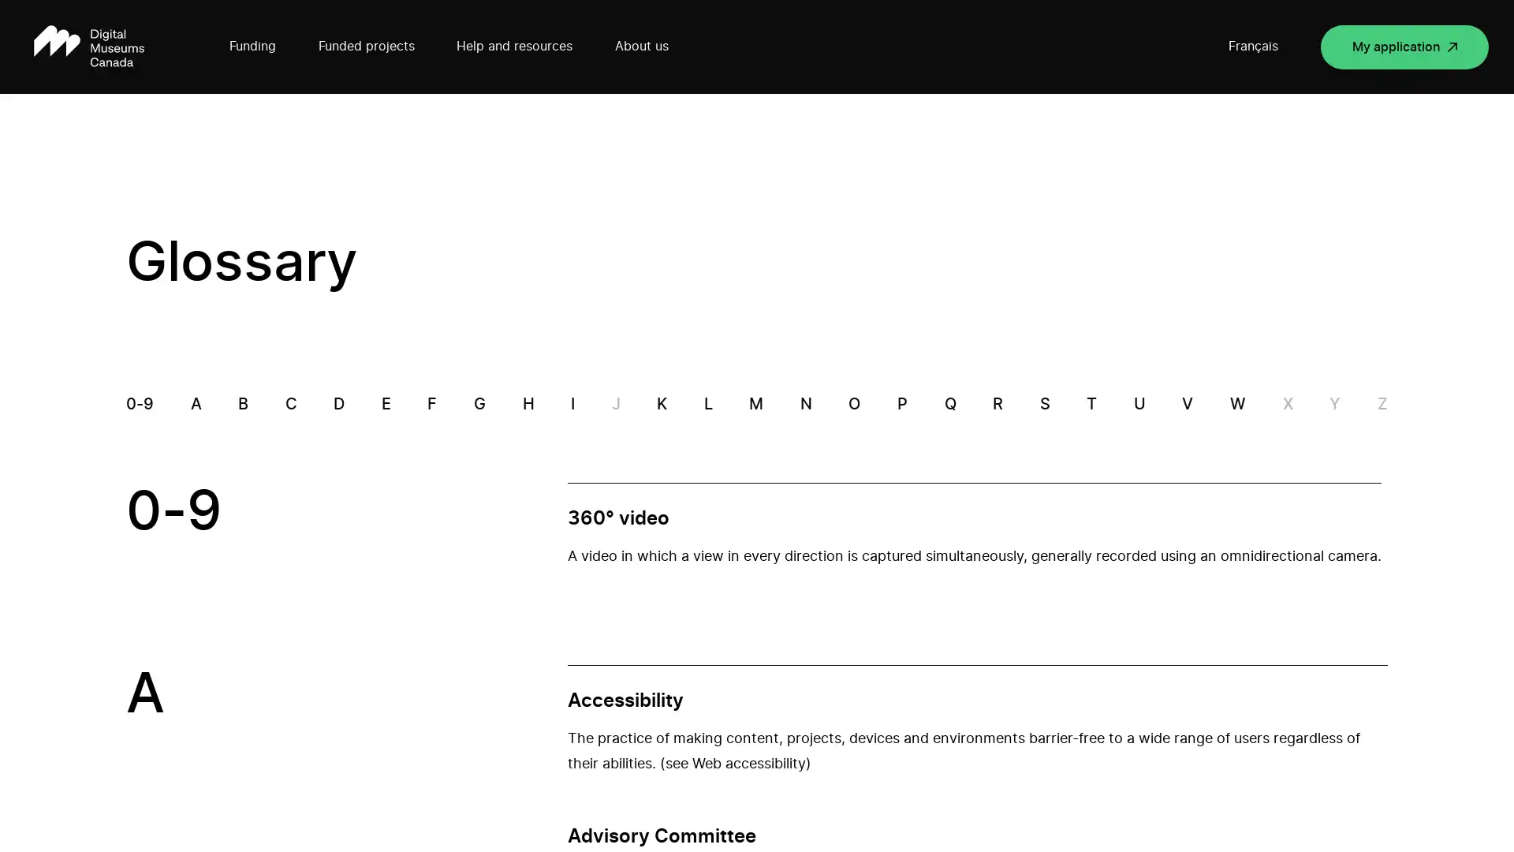 Image resolution: width=1514 pixels, height=852 pixels. I want to click on K, so click(662, 404).